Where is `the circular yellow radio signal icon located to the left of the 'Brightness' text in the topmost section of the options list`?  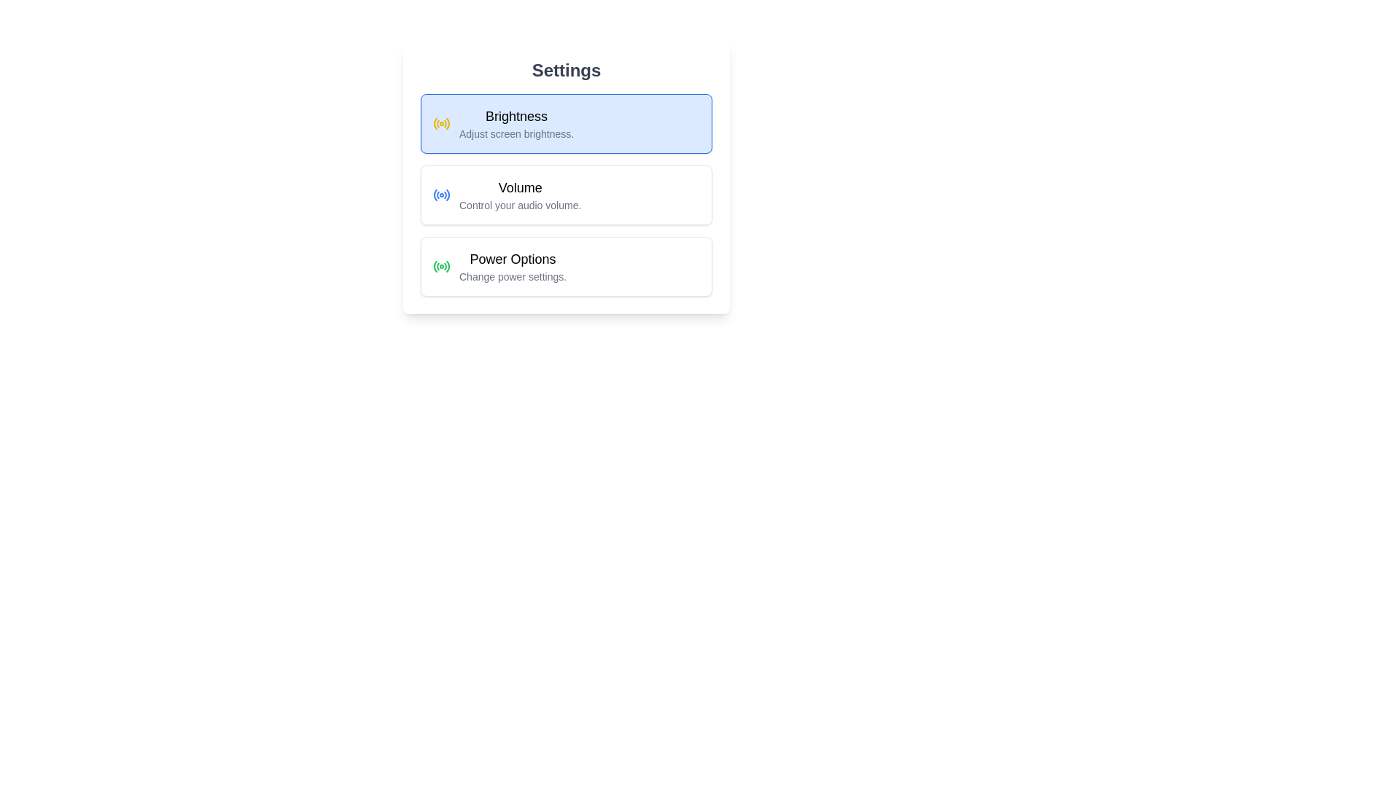
the circular yellow radio signal icon located to the left of the 'Brightness' text in the topmost section of the options list is located at coordinates (440, 122).